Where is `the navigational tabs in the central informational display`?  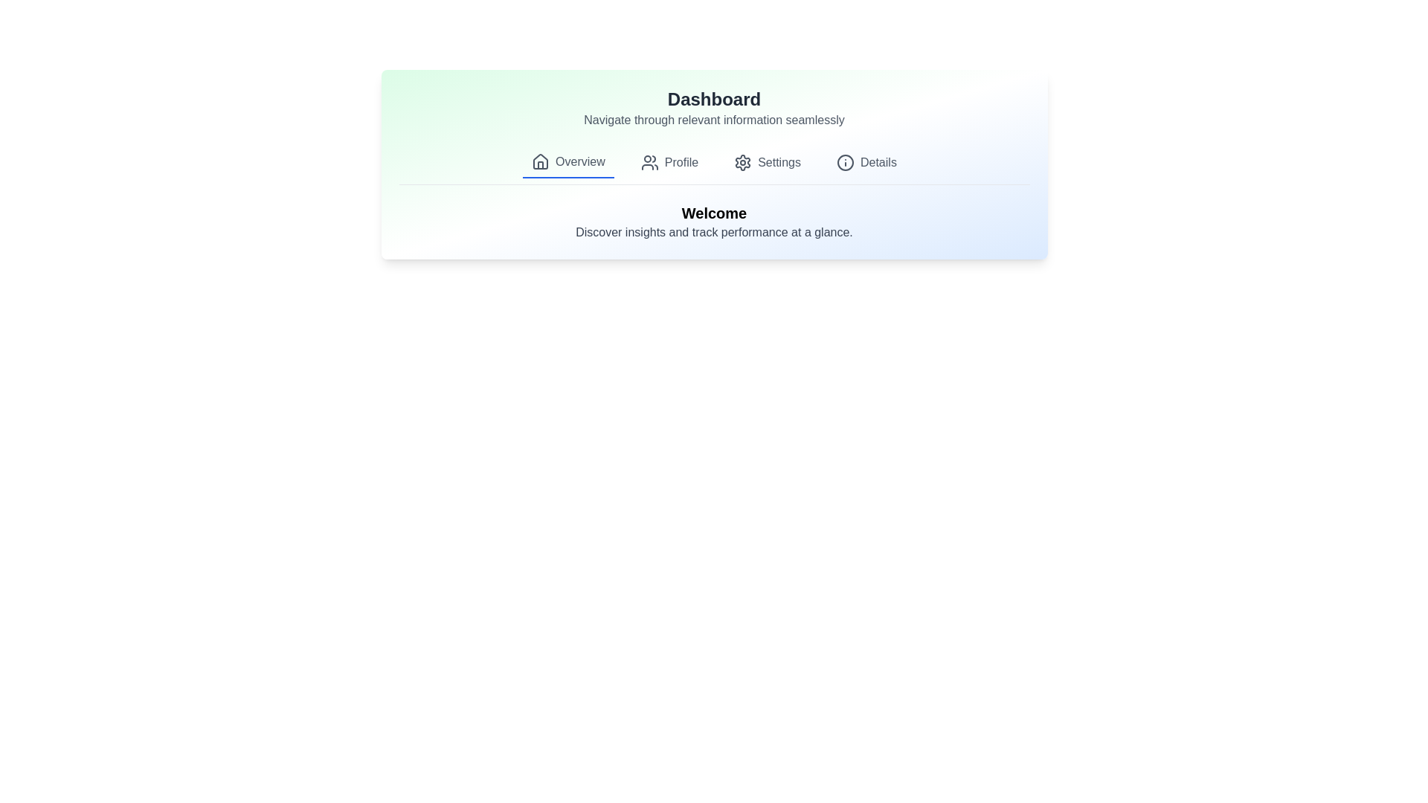
the navigational tabs in the central informational display is located at coordinates (714, 164).